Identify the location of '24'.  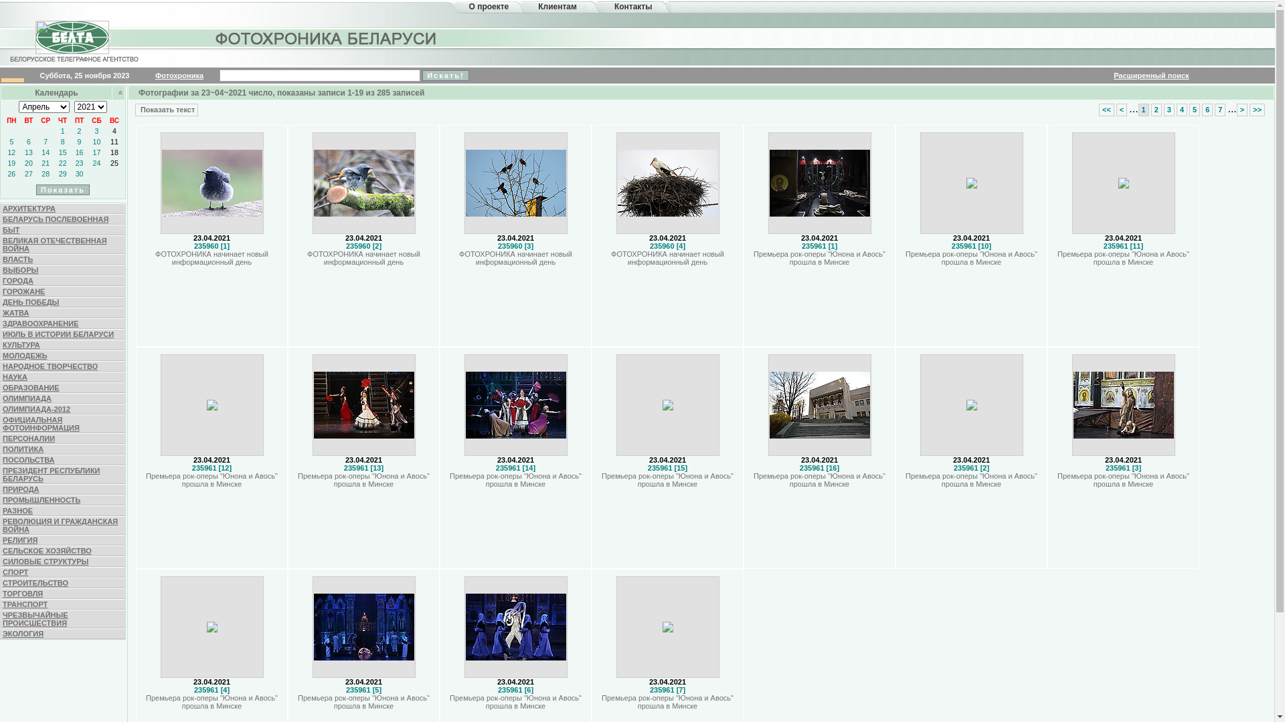
(96, 162).